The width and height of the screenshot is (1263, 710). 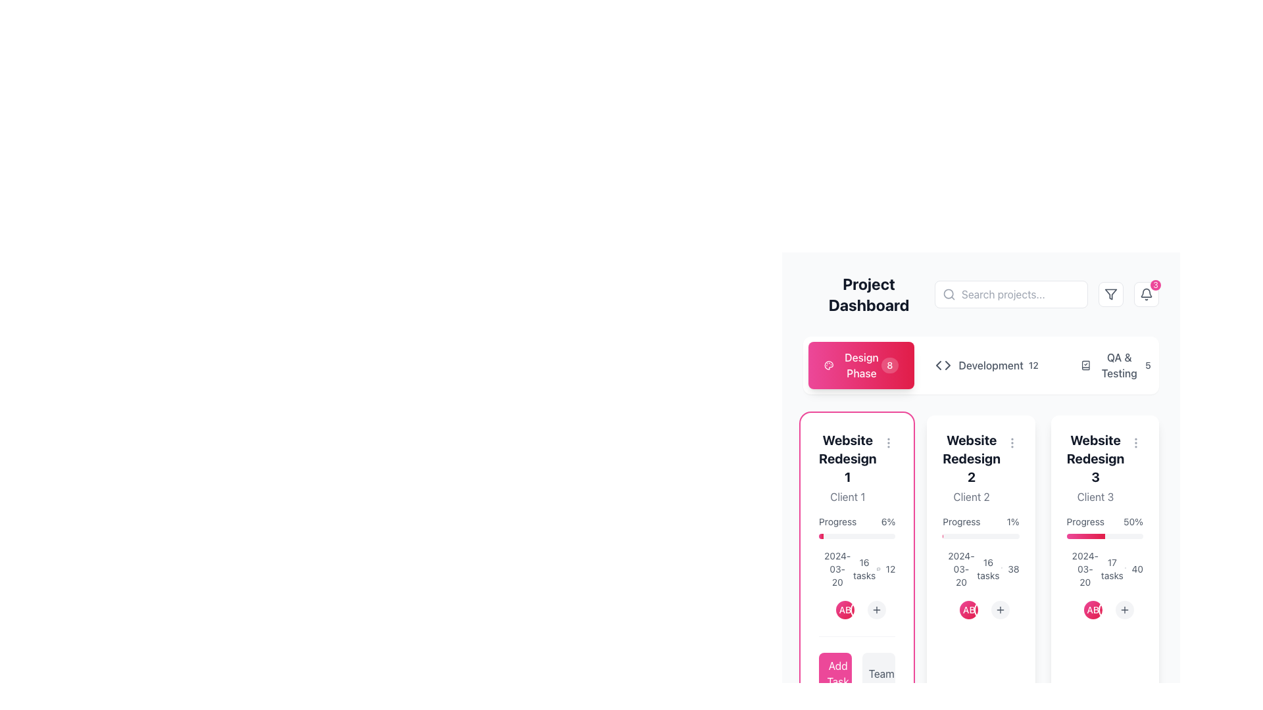 What do you see at coordinates (1110, 293) in the screenshot?
I see `the triangular funnel icon located at the top right corner of the interface` at bounding box center [1110, 293].